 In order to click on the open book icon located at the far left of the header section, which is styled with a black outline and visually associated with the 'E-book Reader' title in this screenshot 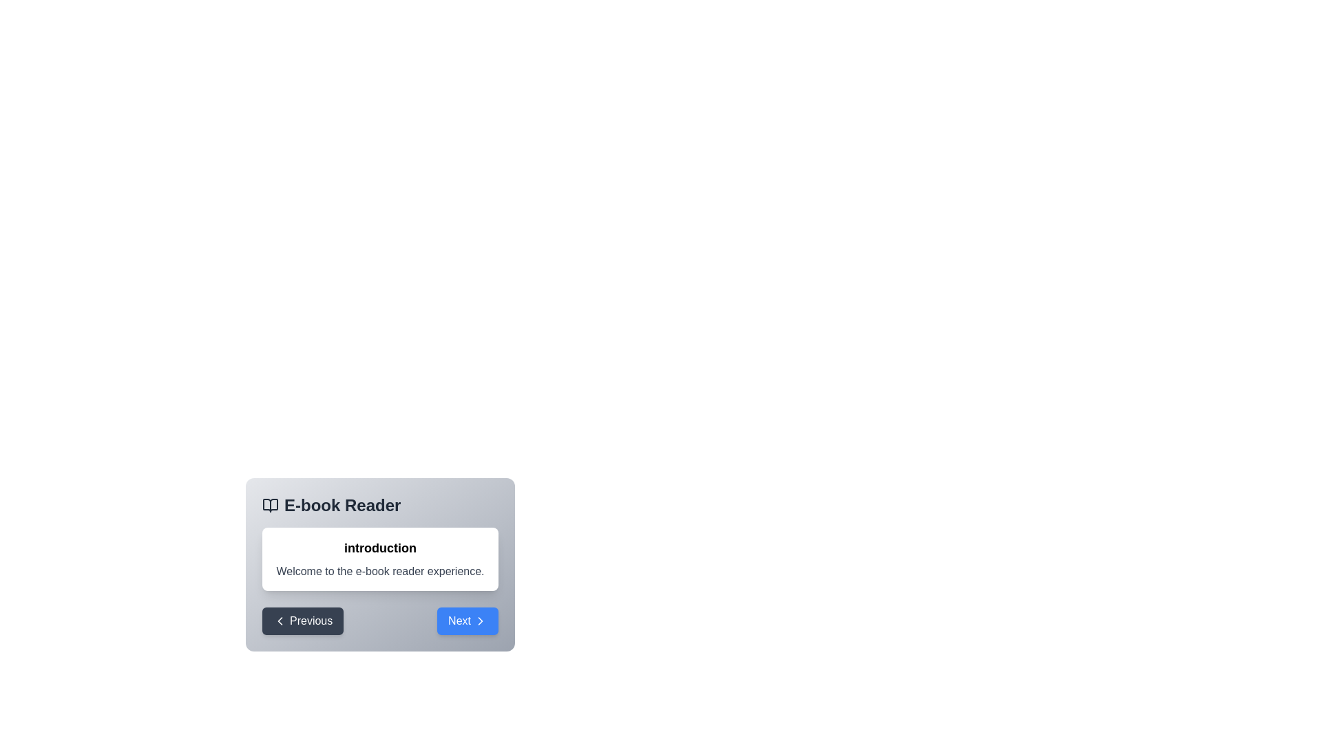, I will do `click(271, 506)`.